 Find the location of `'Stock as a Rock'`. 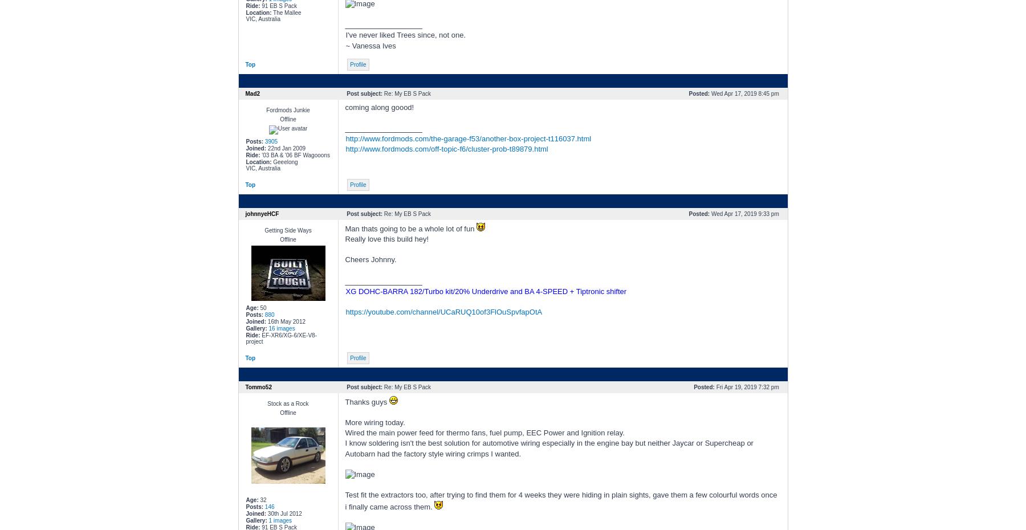

'Stock as a Rock' is located at coordinates (287, 403).